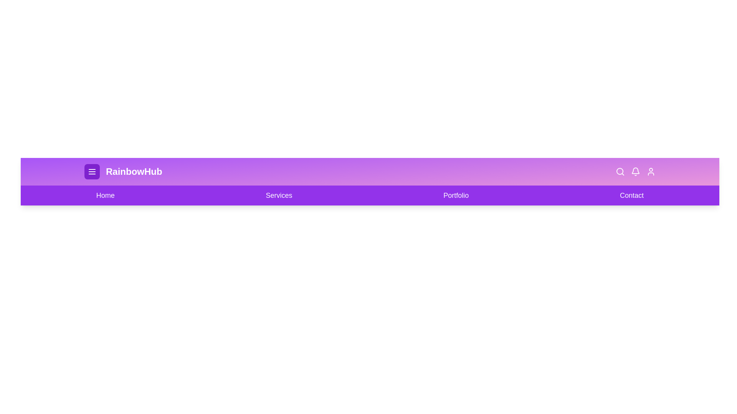  I want to click on the Search icon in the app bar, so click(620, 171).